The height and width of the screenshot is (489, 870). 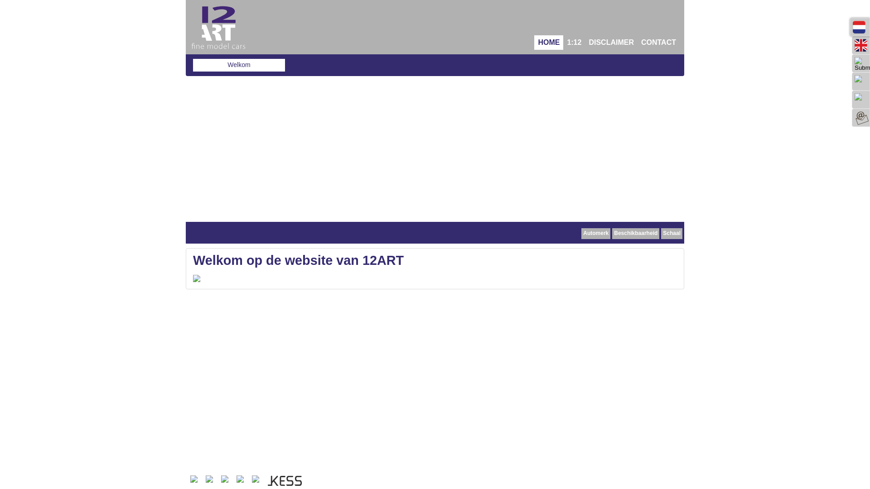 I want to click on 'DISCLAIMER', so click(x=611, y=42).